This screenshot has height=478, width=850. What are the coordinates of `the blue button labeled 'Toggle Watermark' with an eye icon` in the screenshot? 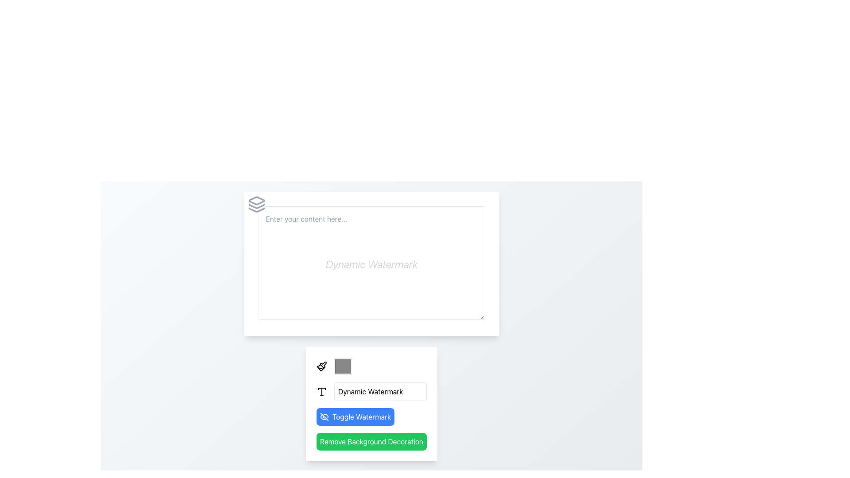 It's located at (355, 416).